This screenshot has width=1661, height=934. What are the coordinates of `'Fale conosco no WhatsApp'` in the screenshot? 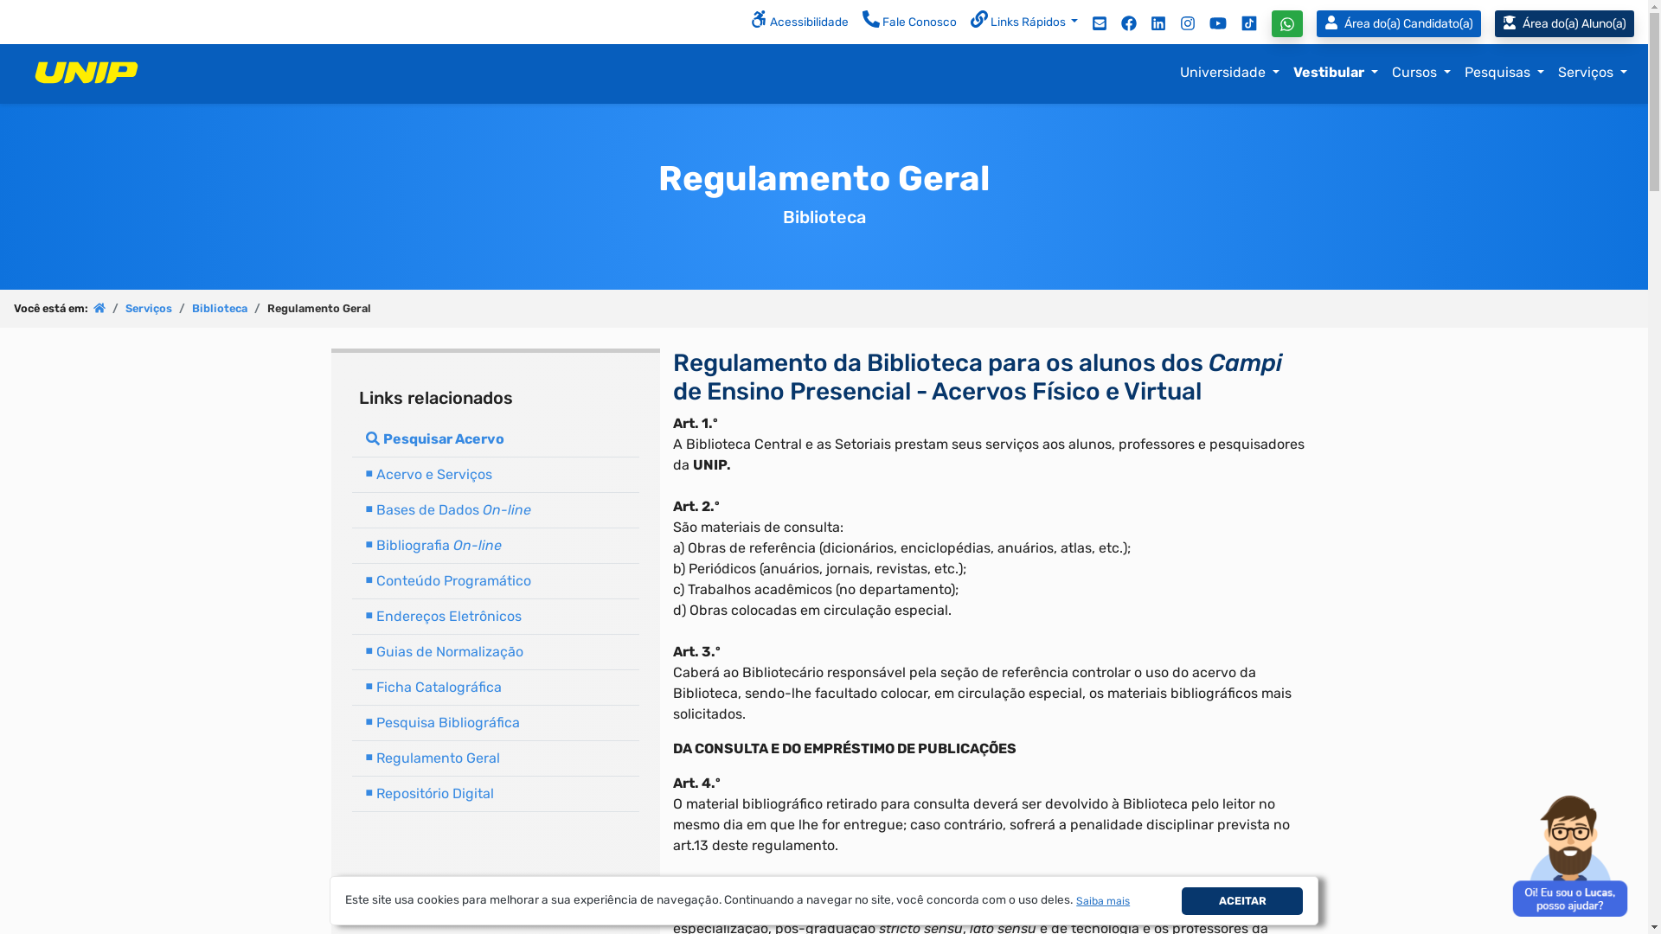 It's located at (1287, 23).